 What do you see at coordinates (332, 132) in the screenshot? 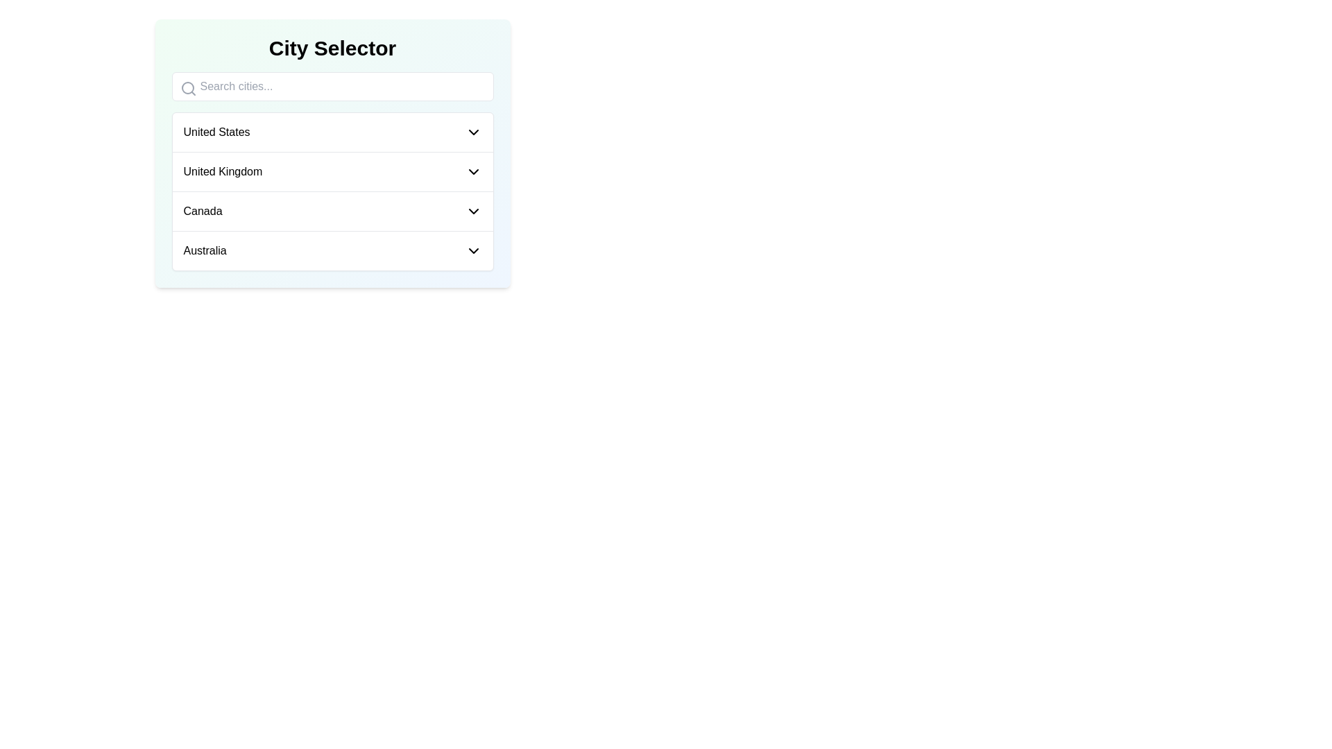
I see `the list item labeled 'United States' to confirm selection` at bounding box center [332, 132].